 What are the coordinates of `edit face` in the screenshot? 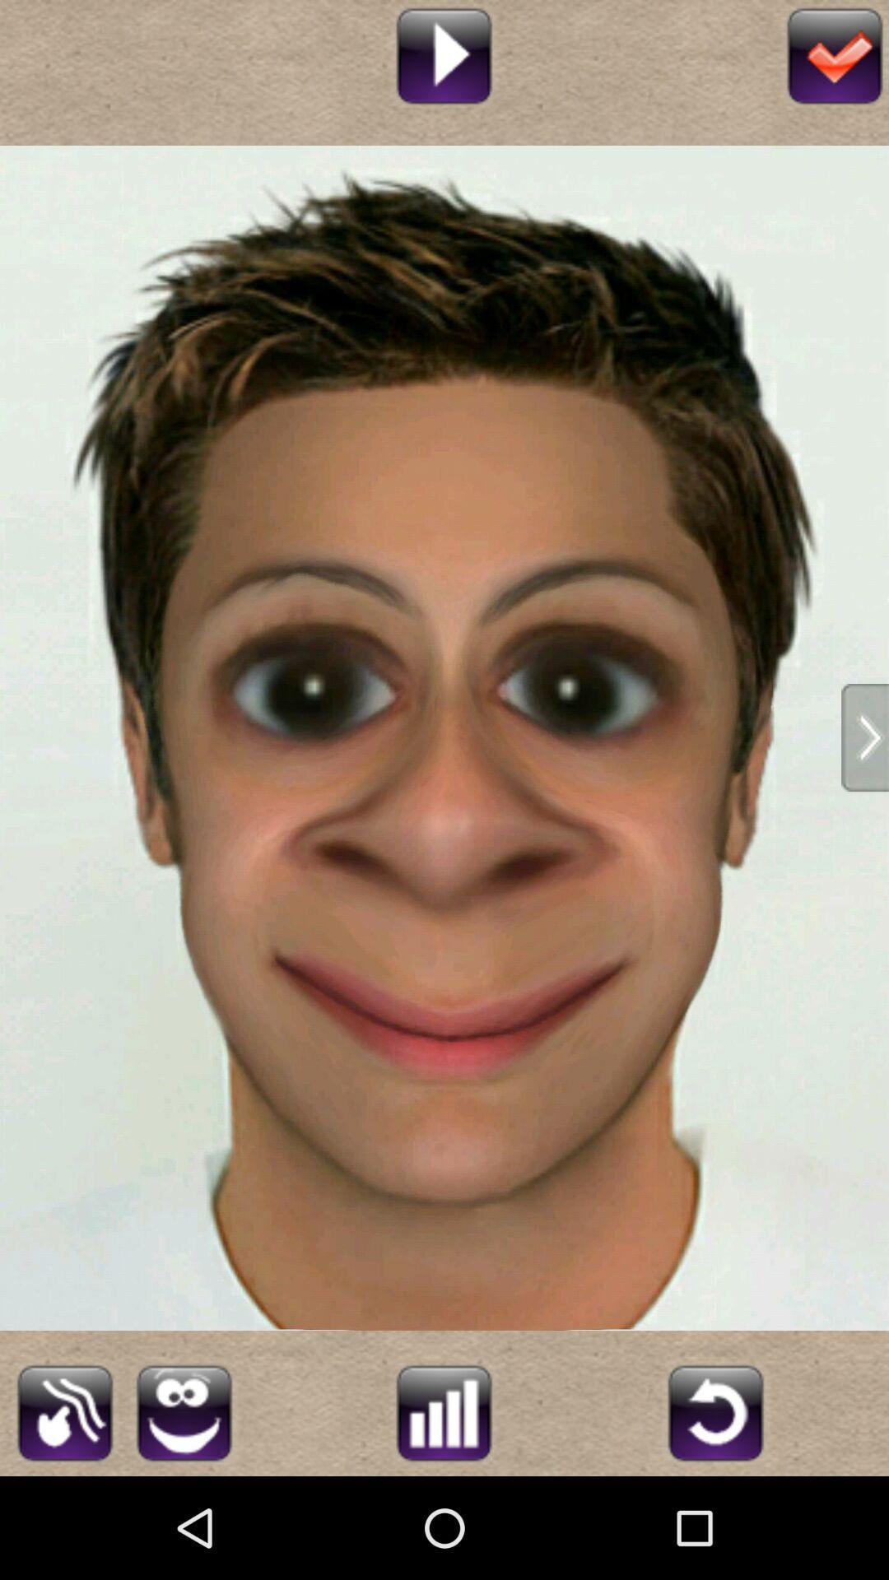 It's located at (184, 1410).